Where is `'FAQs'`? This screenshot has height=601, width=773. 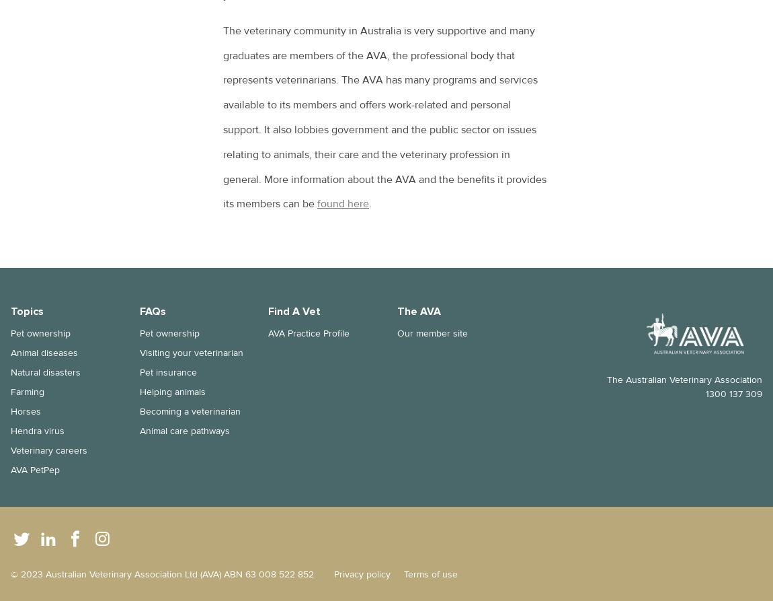 'FAQs' is located at coordinates (151, 311).